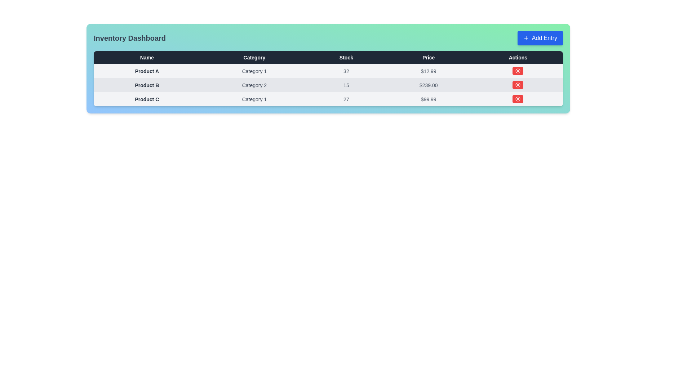  Describe the element at coordinates (429, 71) in the screenshot. I see `the price label of 'Product A' in the Inventory Dashboard, located in the second-to-right column of its row, following the 'Stock' cell` at that location.